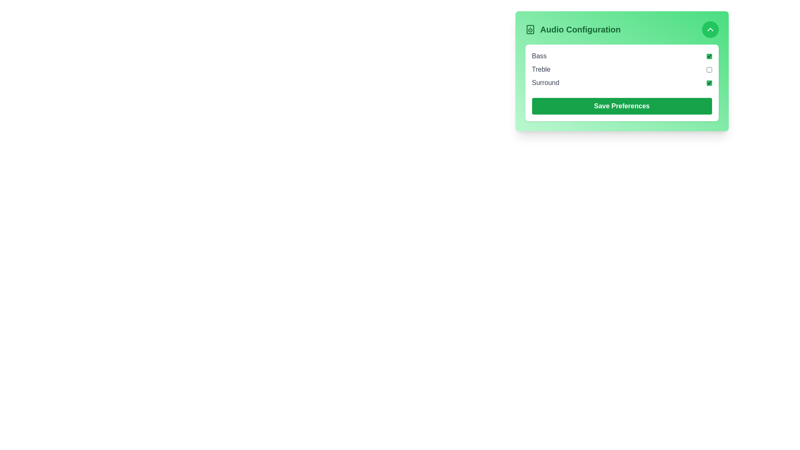 Image resolution: width=800 pixels, height=450 pixels. I want to click on the checkbox labeled 'Treble', so click(622, 69).